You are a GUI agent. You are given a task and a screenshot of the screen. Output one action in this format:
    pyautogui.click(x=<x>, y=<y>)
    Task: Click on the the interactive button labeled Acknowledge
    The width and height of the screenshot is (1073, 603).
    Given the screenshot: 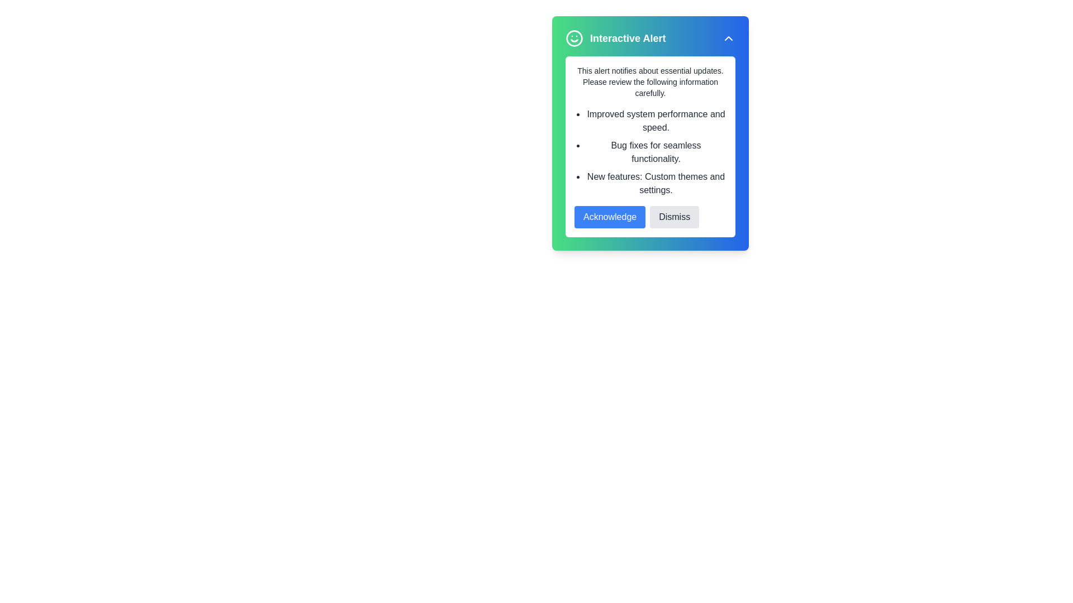 What is the action you would take?
    pyautogui.click(x=609, y=217)
    